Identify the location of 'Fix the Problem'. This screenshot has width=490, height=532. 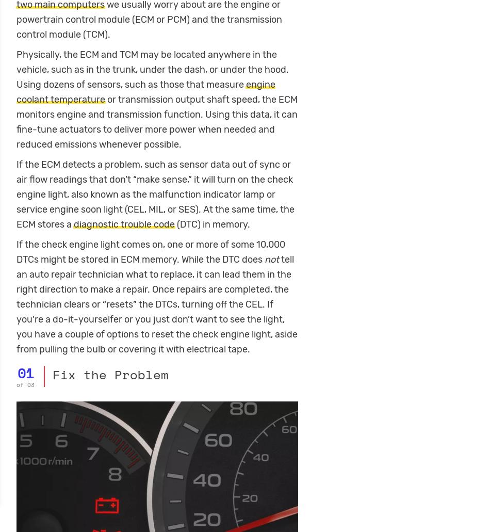
(110, 374).